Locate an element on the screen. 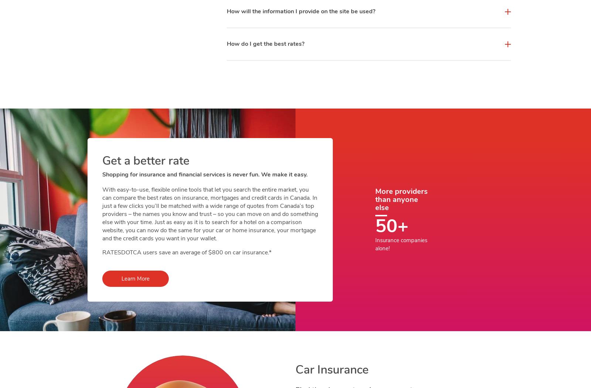 Image resolution: width=591 pixels, height=388 pixels. 'RATESDOTCA users save an average of $800 on car insurance.*' is located at coordinates (186, 252).